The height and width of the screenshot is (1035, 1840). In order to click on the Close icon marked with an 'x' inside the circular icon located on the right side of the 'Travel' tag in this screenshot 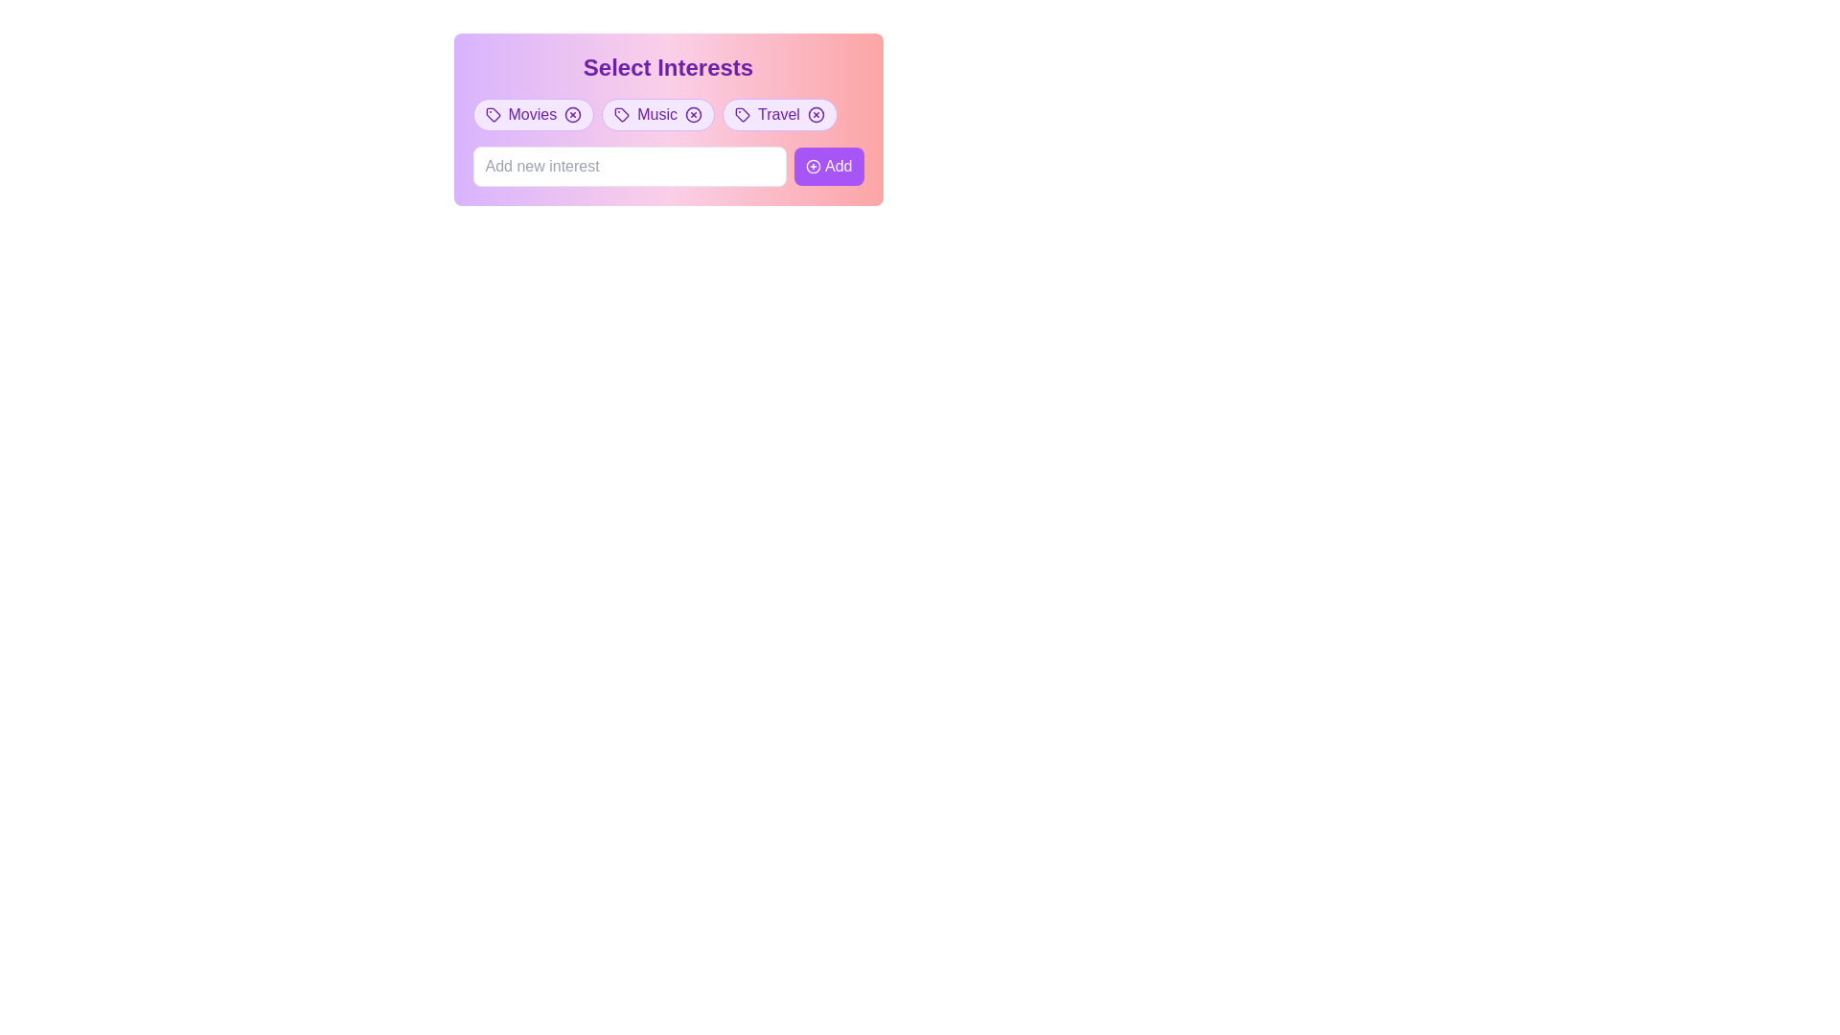, I will do `click(816, 114)`.